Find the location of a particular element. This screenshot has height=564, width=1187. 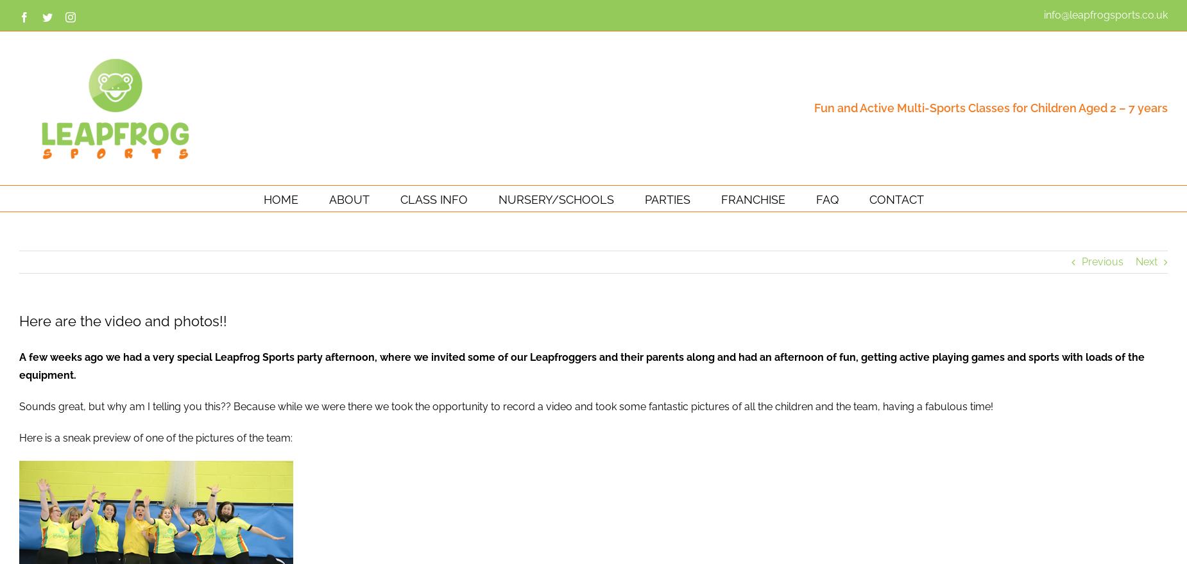

'PARTIES' is located at coordinates (666, 198).